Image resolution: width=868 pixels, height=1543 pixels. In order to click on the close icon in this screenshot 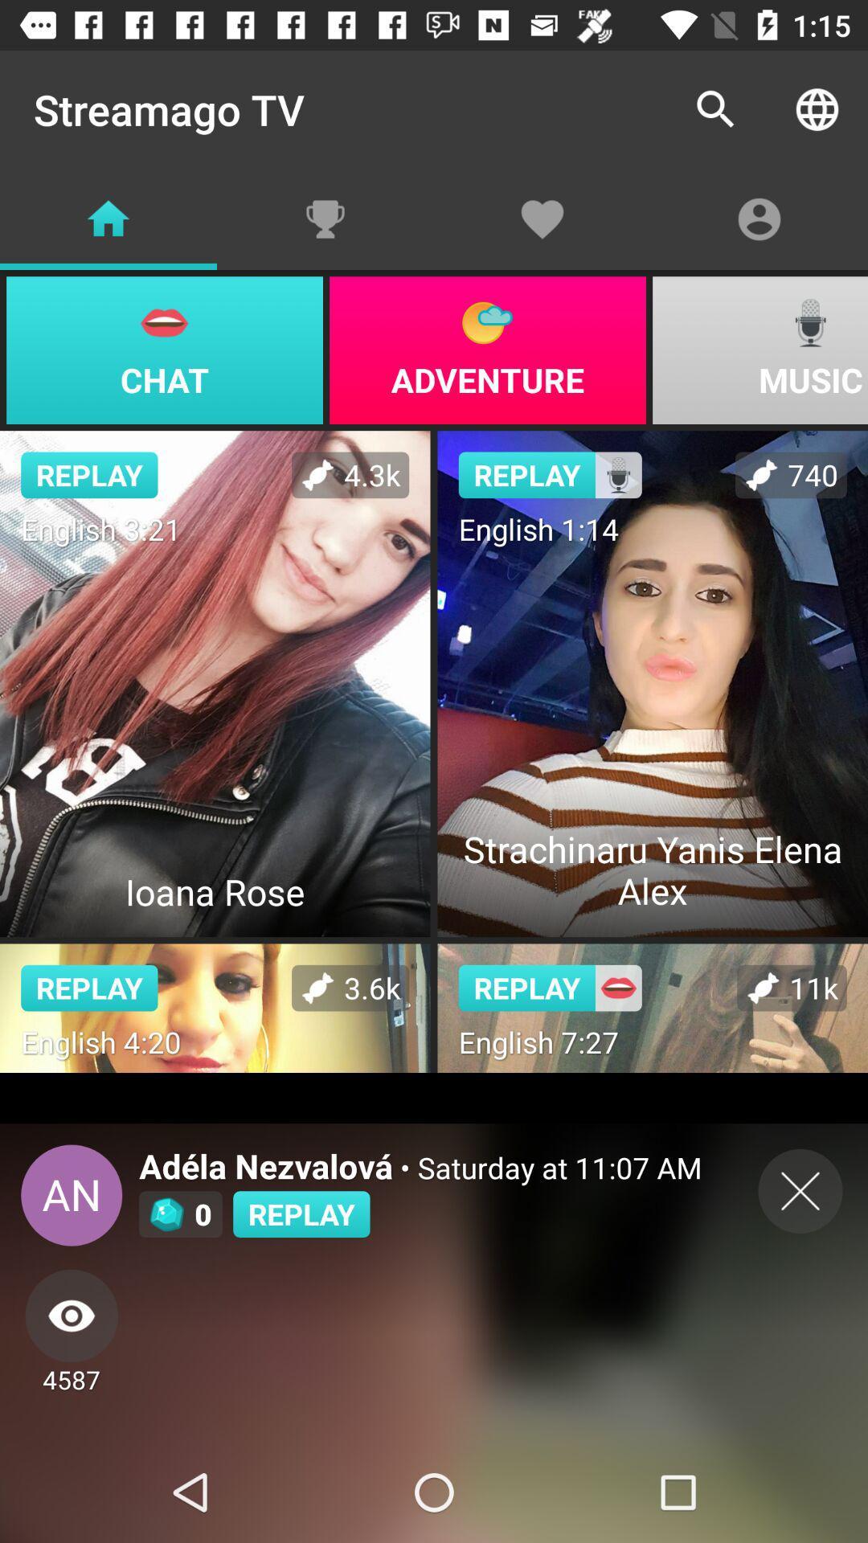, I will do `click(800, 1222)`.